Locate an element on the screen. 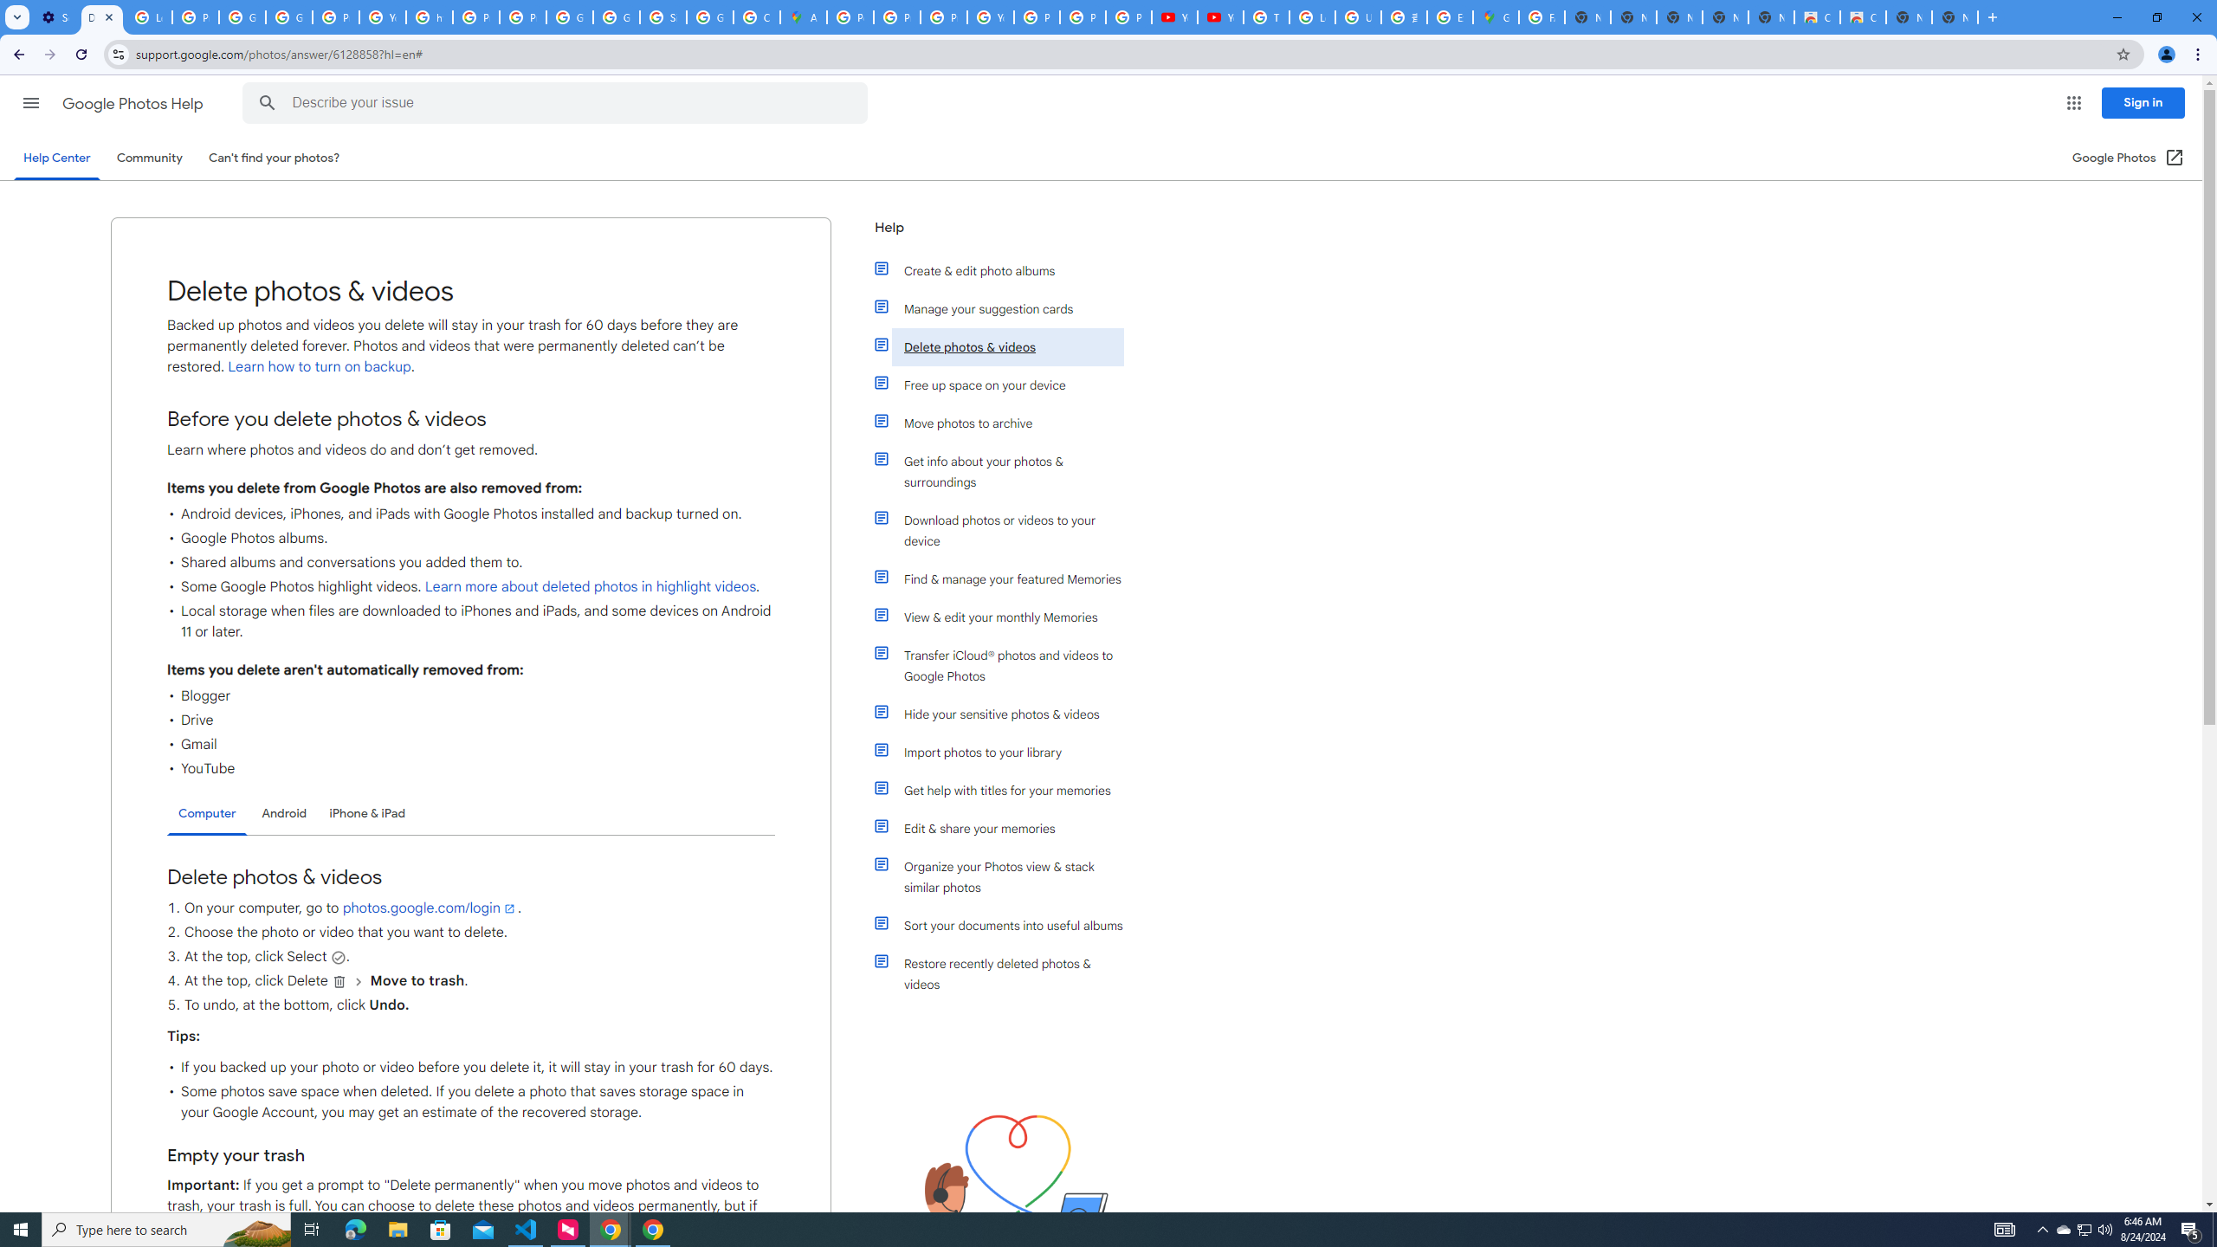 The width and height of the screenshot is (2217, 1247). 'Delete photos & videos' is located at coordinates (1006, 347).